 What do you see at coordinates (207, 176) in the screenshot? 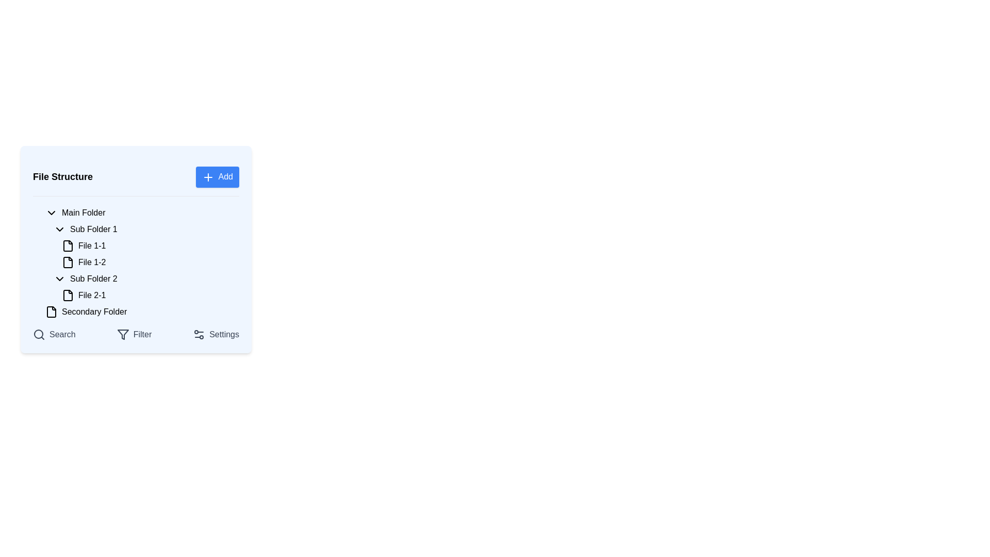
I see `the '+' shaped icon located within the blue 'Add' button` at bounding box center [207, 176].